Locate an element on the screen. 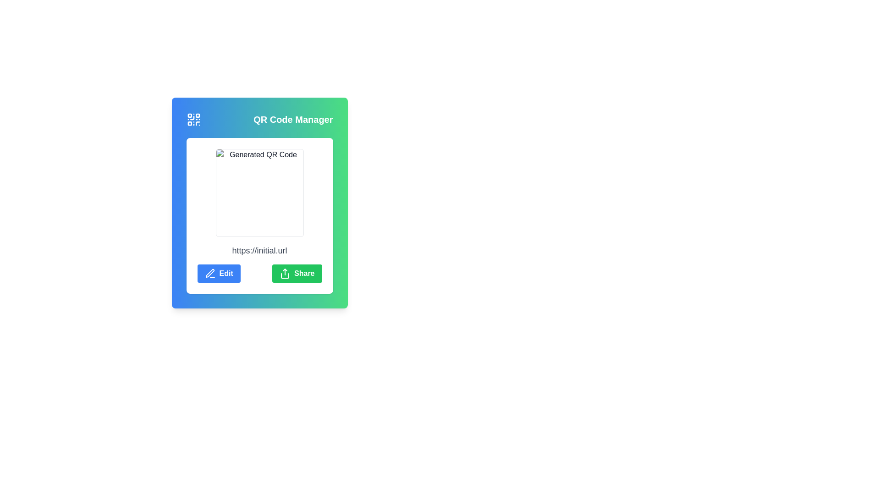 The height and width of the screenshot is (495, 880). the share icon element, which is part of an SVG representing data or content sharing functionality, located at the specified center coordinates is located at coordinates (285, 275).